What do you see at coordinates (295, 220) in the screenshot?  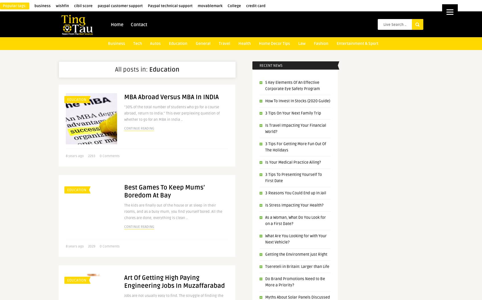 I see `'As a Woman, What Do You Look for on a First Date?'` at bounding box center [295, 220].